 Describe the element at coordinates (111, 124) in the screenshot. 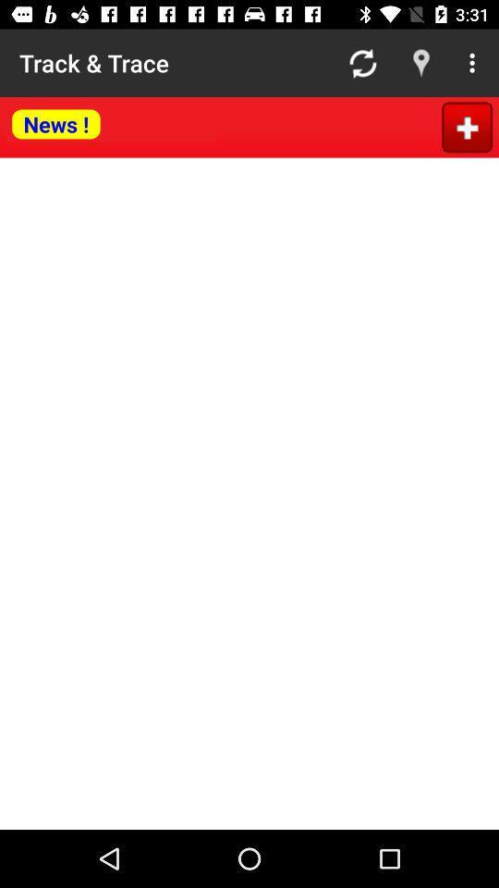

I see `see the news` at that location.